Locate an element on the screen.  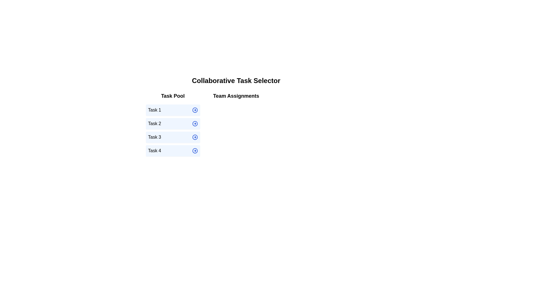
the arrow icon next to the task Task 2 in the Task Pool to move it to Team Assignments is located at coordinates (195, 123).